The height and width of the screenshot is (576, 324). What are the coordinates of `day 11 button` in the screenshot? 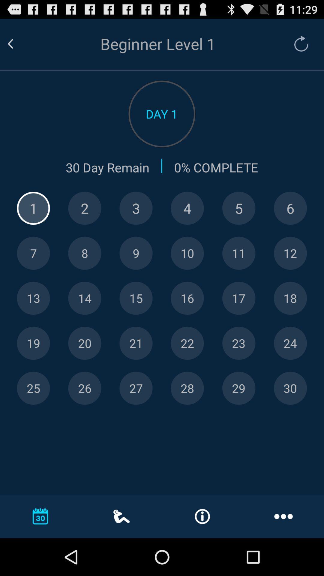 It's located at (238, 253).